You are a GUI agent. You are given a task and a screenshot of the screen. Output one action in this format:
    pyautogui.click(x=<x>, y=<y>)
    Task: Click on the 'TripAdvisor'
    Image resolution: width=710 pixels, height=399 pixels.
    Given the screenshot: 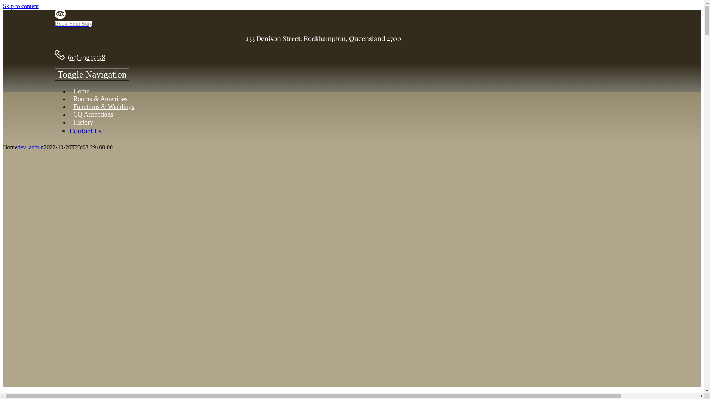 What is the action you would take?
    pyautogui.click(x=60, y=17)
    